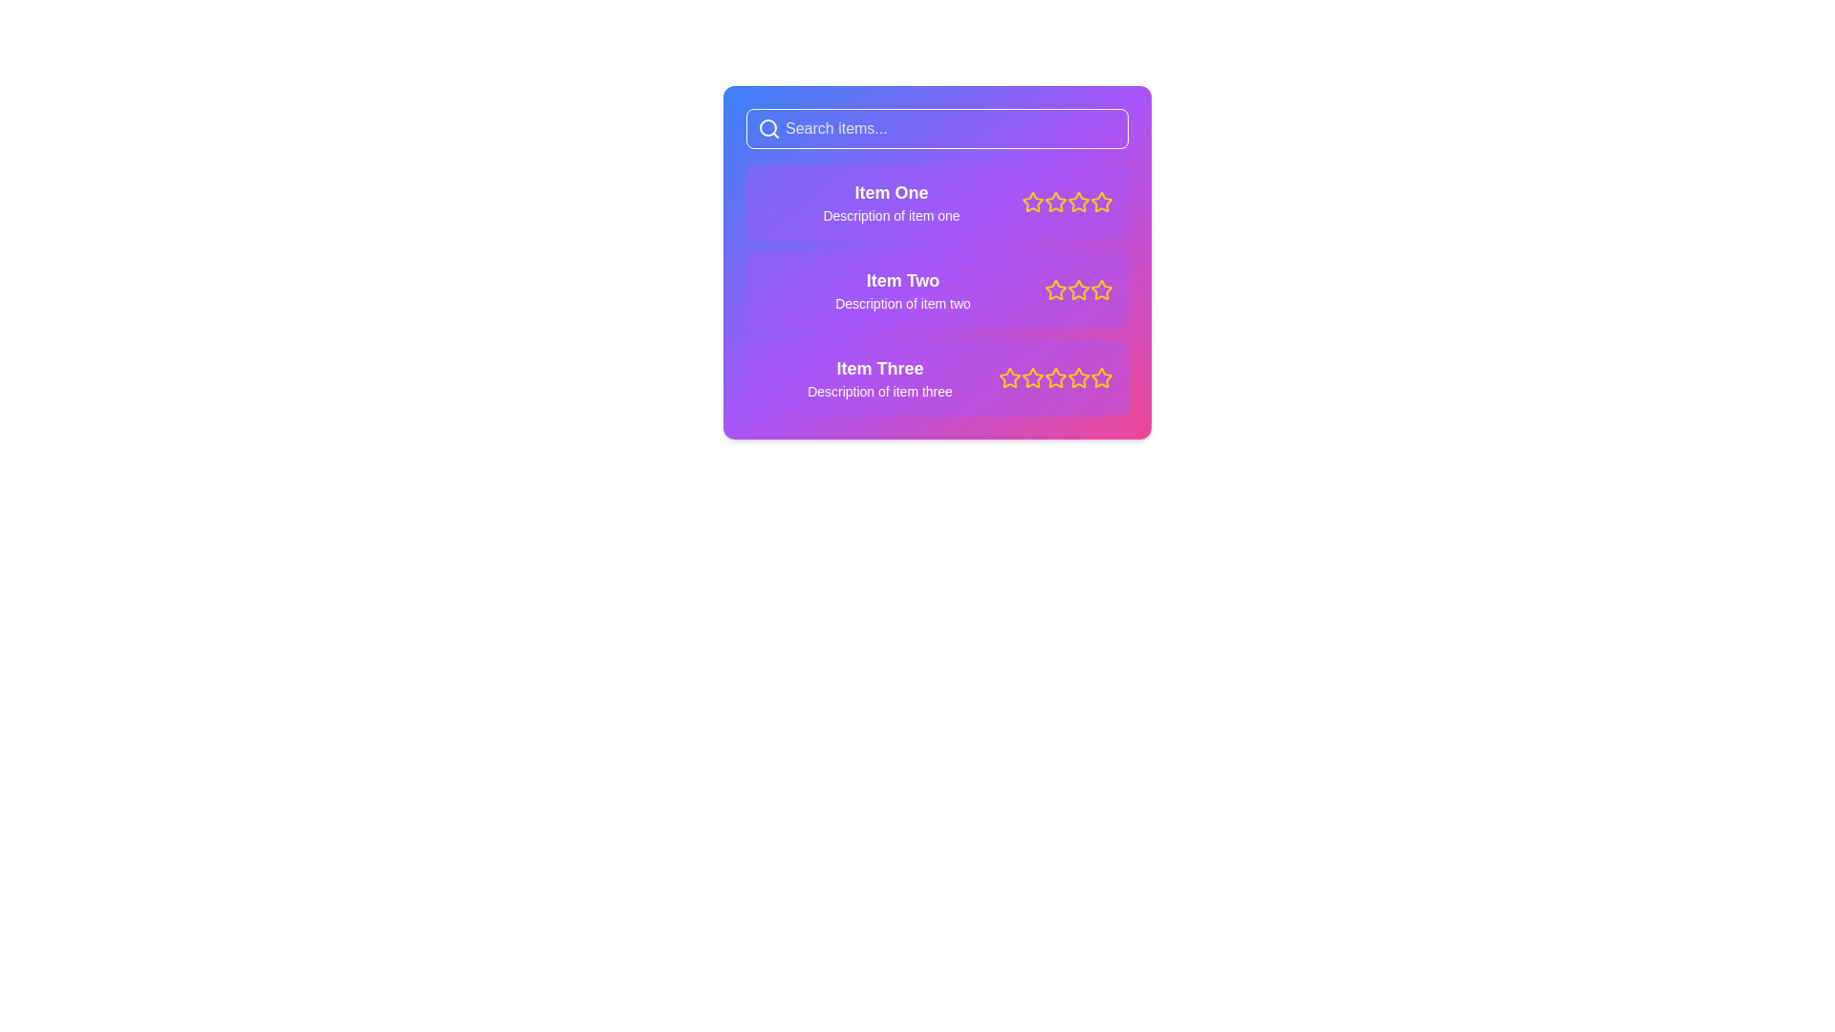 This screenshot has height=1032, width=1835. I want to click on the Text Display element that shows 'Item Three' in bold white text and 'Description of item three' below it, located at the bottom of the visible list area, so click(879, 378).